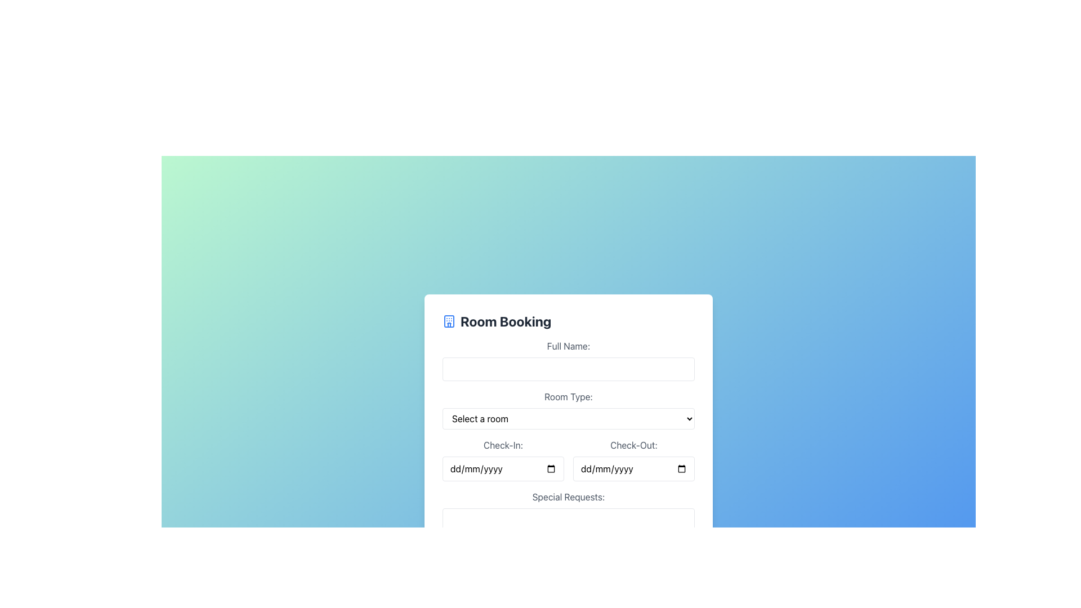 The height and width of the screenshot is (608, 1081). What do you see at coordinates (448, 321) in the screenshot?
I see `the central rounded rectangle with a light blue border located in the top left corner of the 'Room Booking' header` at bounding box center [448, 321].